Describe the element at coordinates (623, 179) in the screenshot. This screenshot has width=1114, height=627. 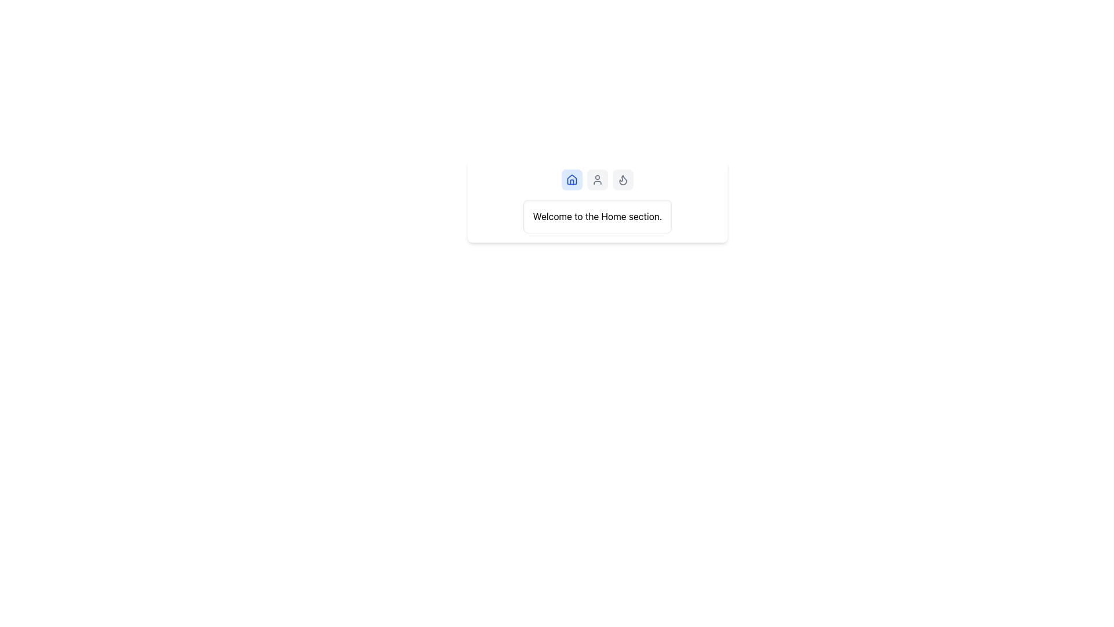
I see `the flame icon located in the rightmost position among four icons at the top of the card component, which indicates activity or popularity metrics` at that location.